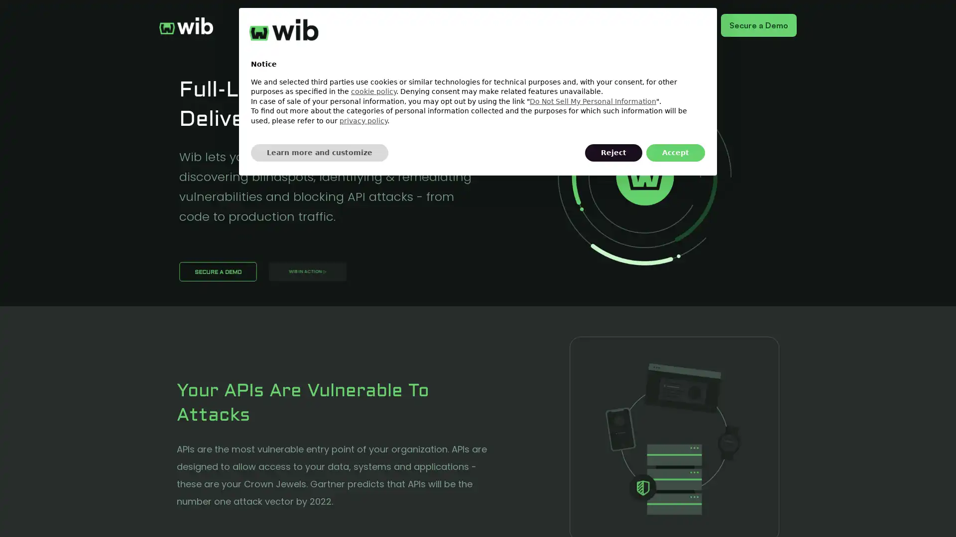  I want to click on Accept, so click(676, 153).